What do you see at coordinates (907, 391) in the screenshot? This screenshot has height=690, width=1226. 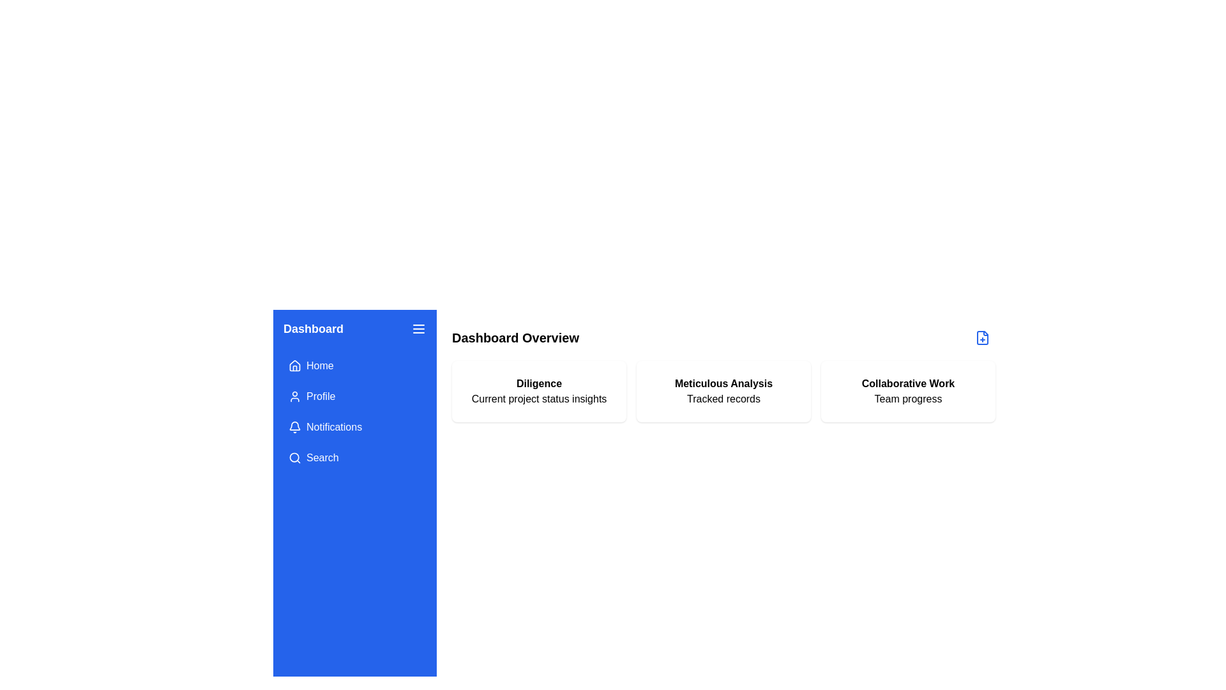 I see `the Informative card with bold text 'Collaborative Work' and smaller text 'Team progress', located in the third column of the grid beneath the 'Dashboard Overview' heading` at bounding box center [907, 391].